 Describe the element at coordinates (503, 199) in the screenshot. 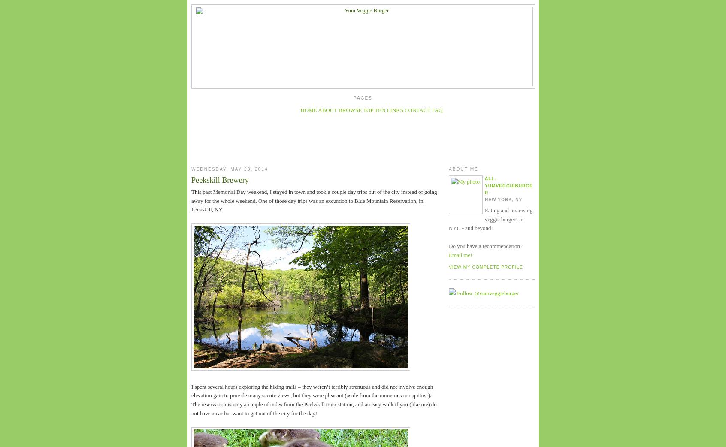

I see `'New York, NY'` at that location.